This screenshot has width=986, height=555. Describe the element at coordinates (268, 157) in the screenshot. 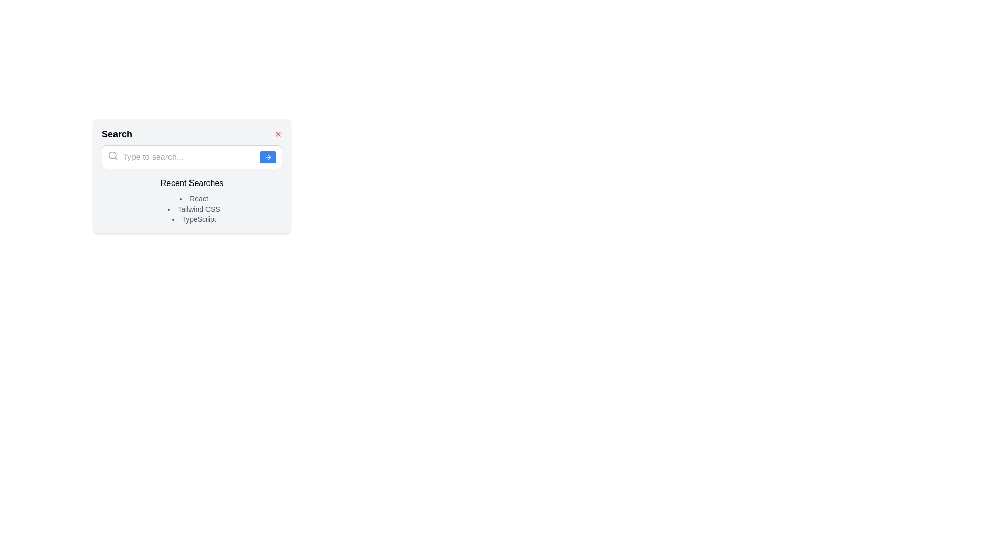

I see `the arrow icon located at the right end of the search input field` at that location.